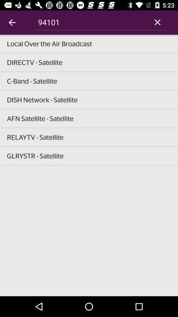 The image size is (178, 317). I want to click on icon next to 94101 icon, so click(157, 22).